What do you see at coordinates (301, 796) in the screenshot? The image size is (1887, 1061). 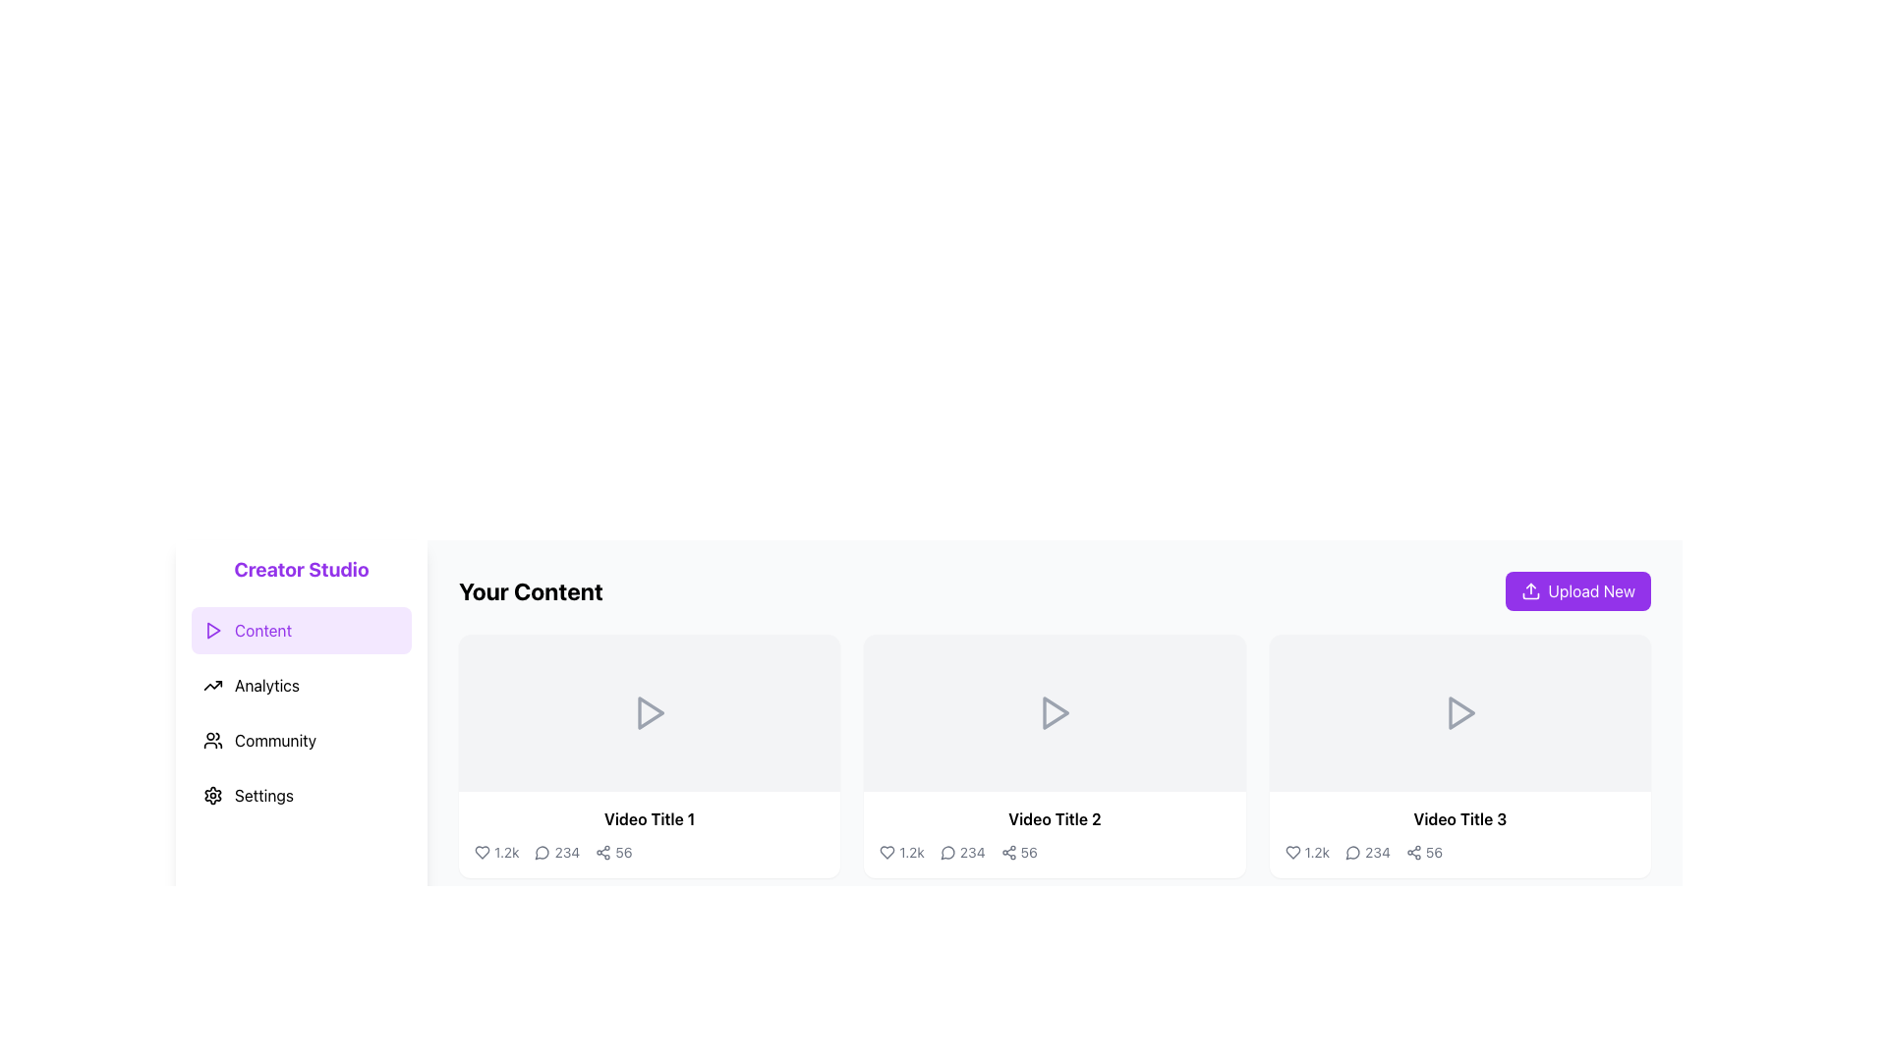 I see `the fourth navigation list item in the left sidebar` at bounding box center [301, 796].